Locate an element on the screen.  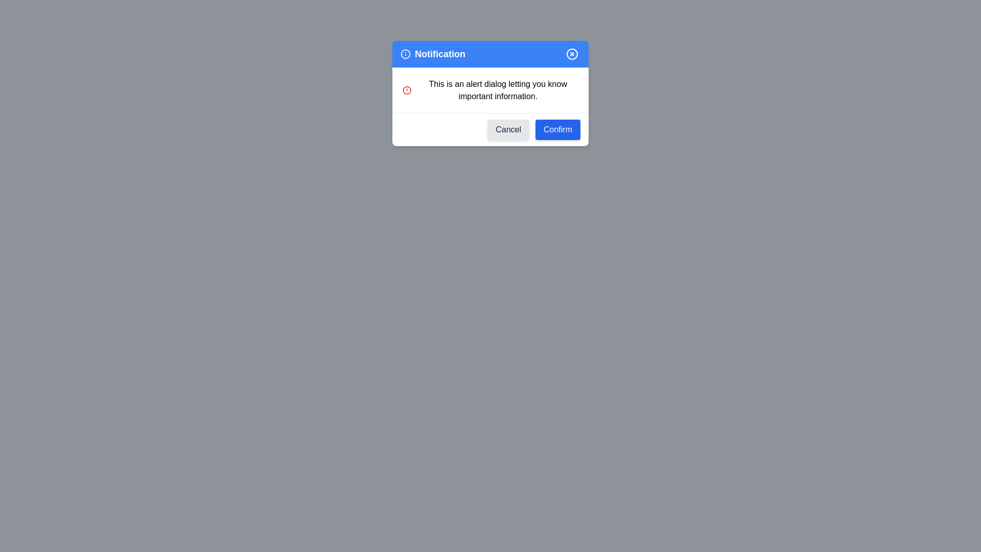
the 'Cancel' button located at the bottom right corner of the dialog box, which has a light gray background and contains the text 'Cancel' in dark gray font is located at coordinates (508, 129).